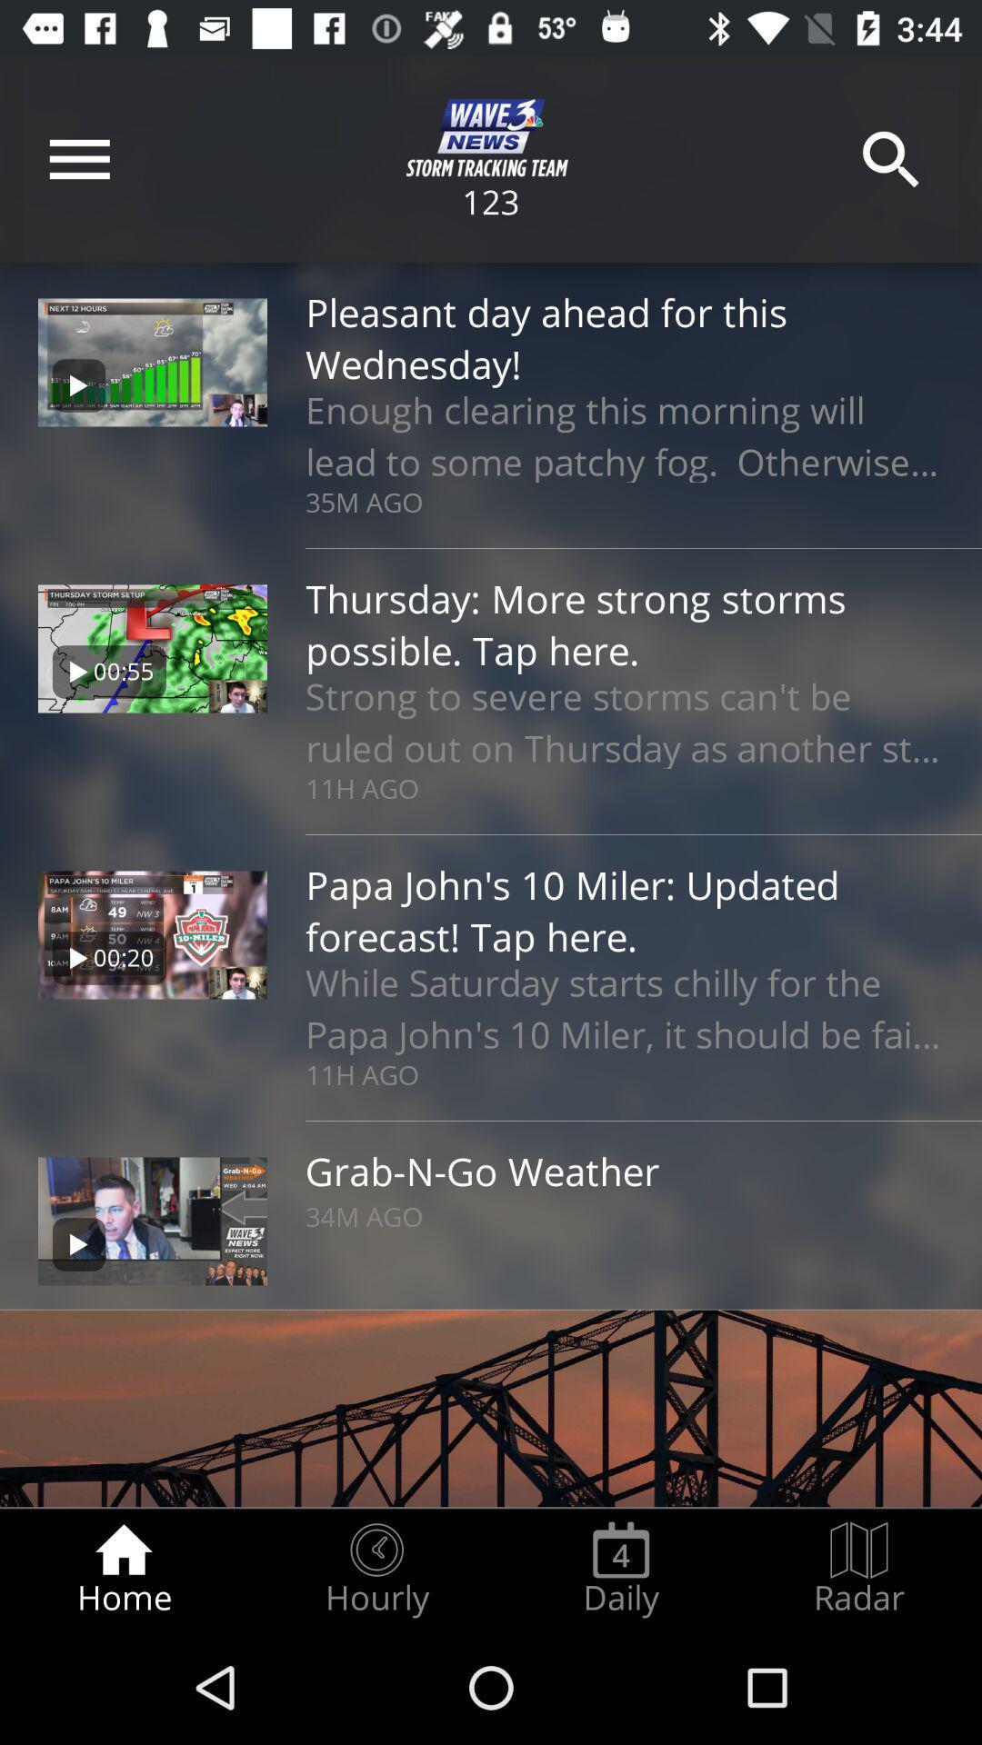 Image resolution: width=982 pixels, height=1745 pixels. Describe the element at coordinates (859, 1569) in the screenshot. I see `icon next to the daily radio button` at that location.